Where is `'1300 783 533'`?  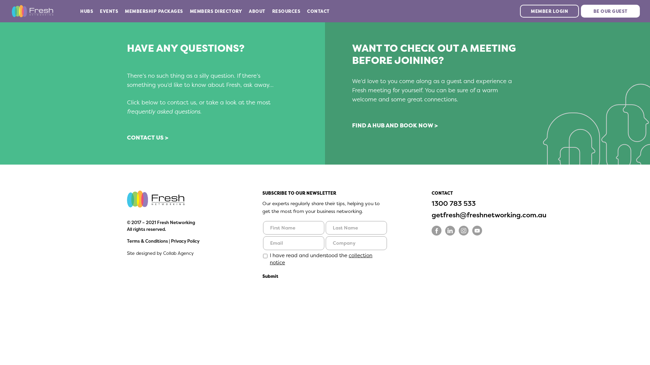
'1300 783 533' is located at coordinates (453, 203).